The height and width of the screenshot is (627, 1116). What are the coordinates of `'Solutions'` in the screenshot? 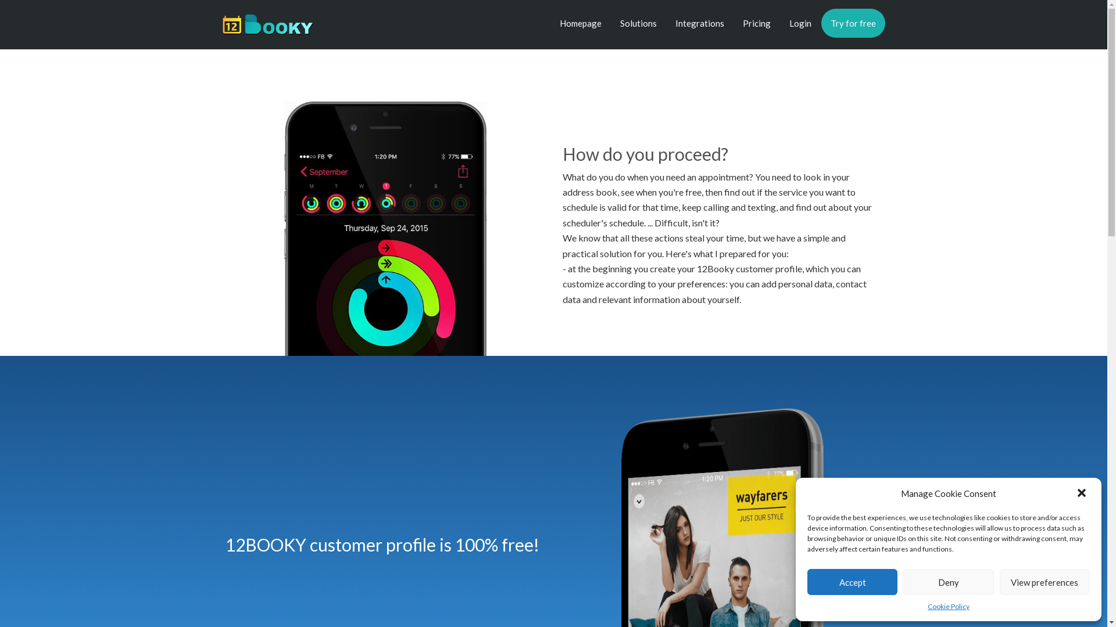 It's located at (637, 23).